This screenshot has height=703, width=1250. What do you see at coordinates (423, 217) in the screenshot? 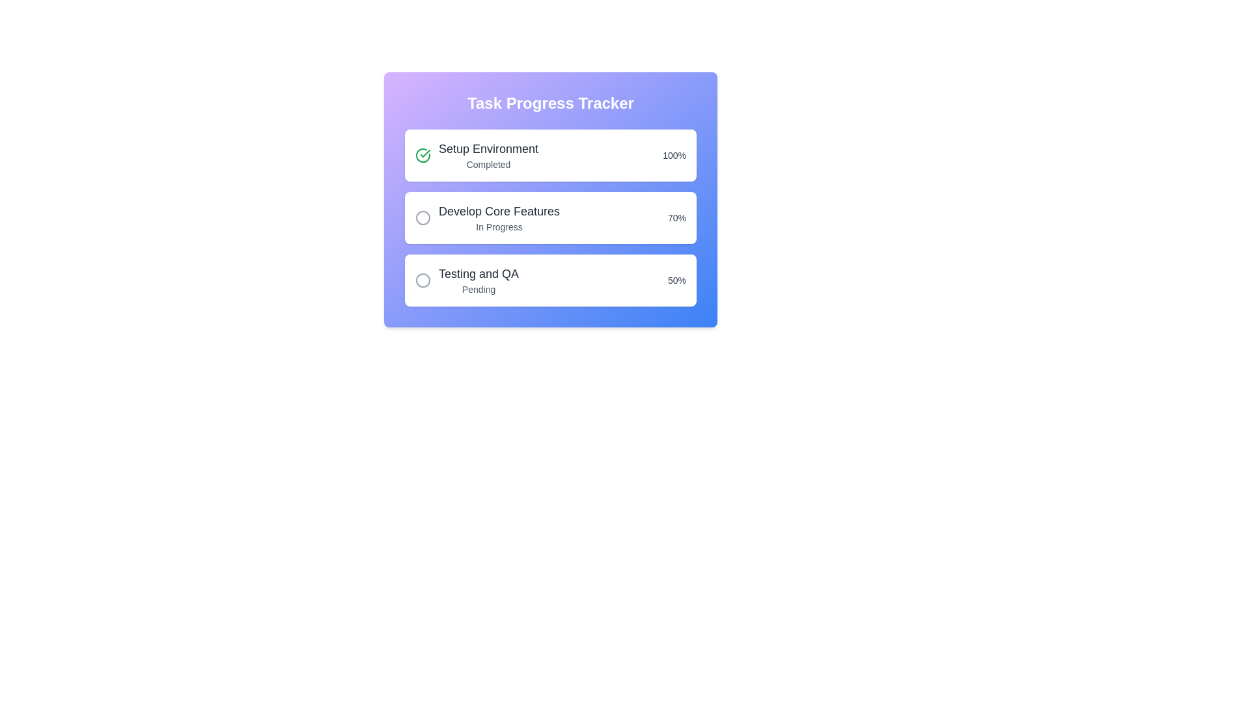
I see `the Circle icon indicating the progress status of the task 'Develop Core Features', which is marked 'In Progress'` at bounding box center [423, 217].